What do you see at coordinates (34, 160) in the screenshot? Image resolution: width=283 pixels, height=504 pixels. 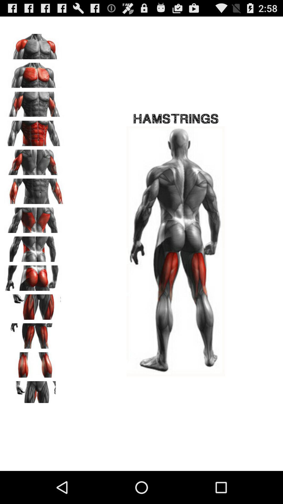 I see `triceps` at bounding box center [34, 160].